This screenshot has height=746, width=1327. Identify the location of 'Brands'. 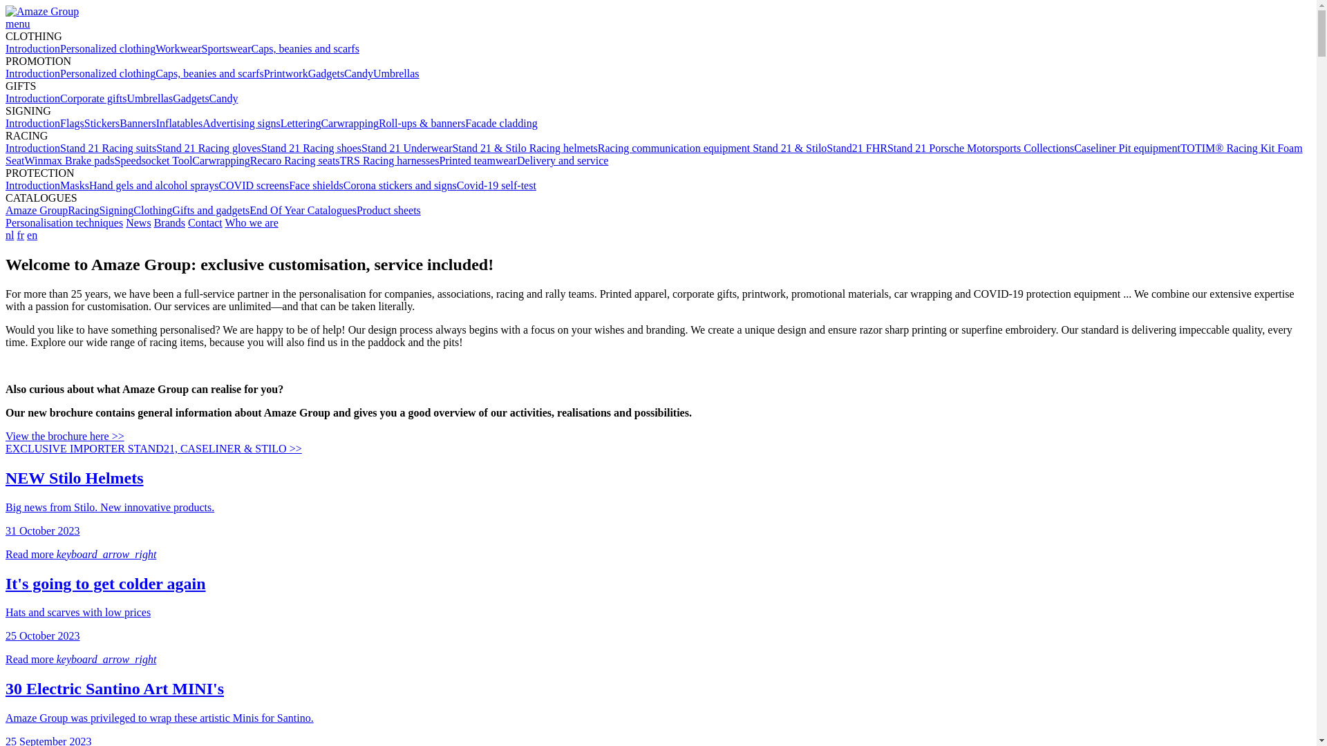
(169, 222).